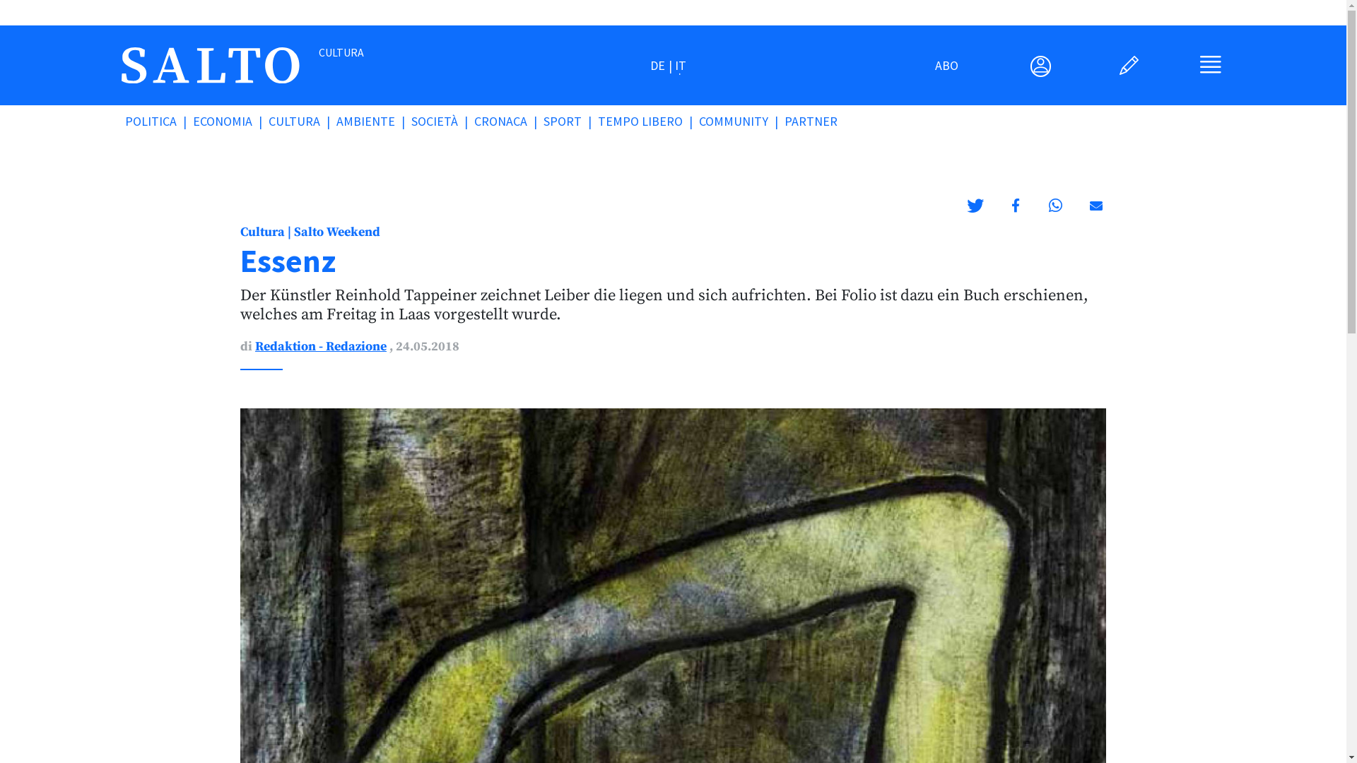 Image resolution: width=1357 pixels, height=763 pixels. Describe the element at coordinates (681, 65) in the screenshot. I see `'IT'` at that location.